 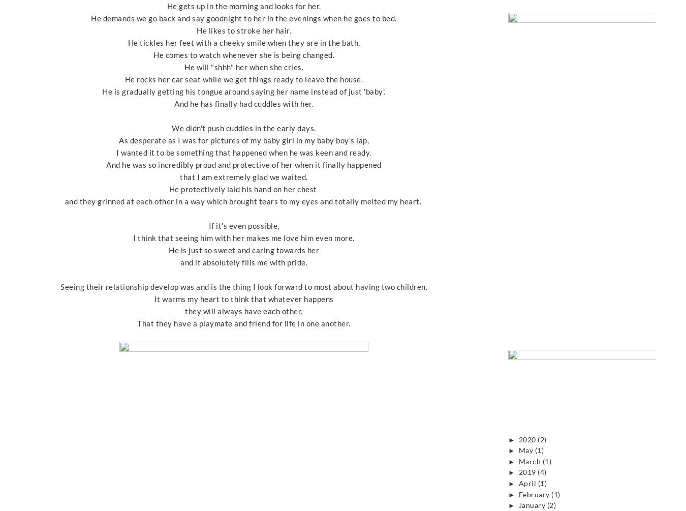 What do you see at coordinates (518, 494) in the screenshot?
I see `'February'` at bounding box center [518, 494].